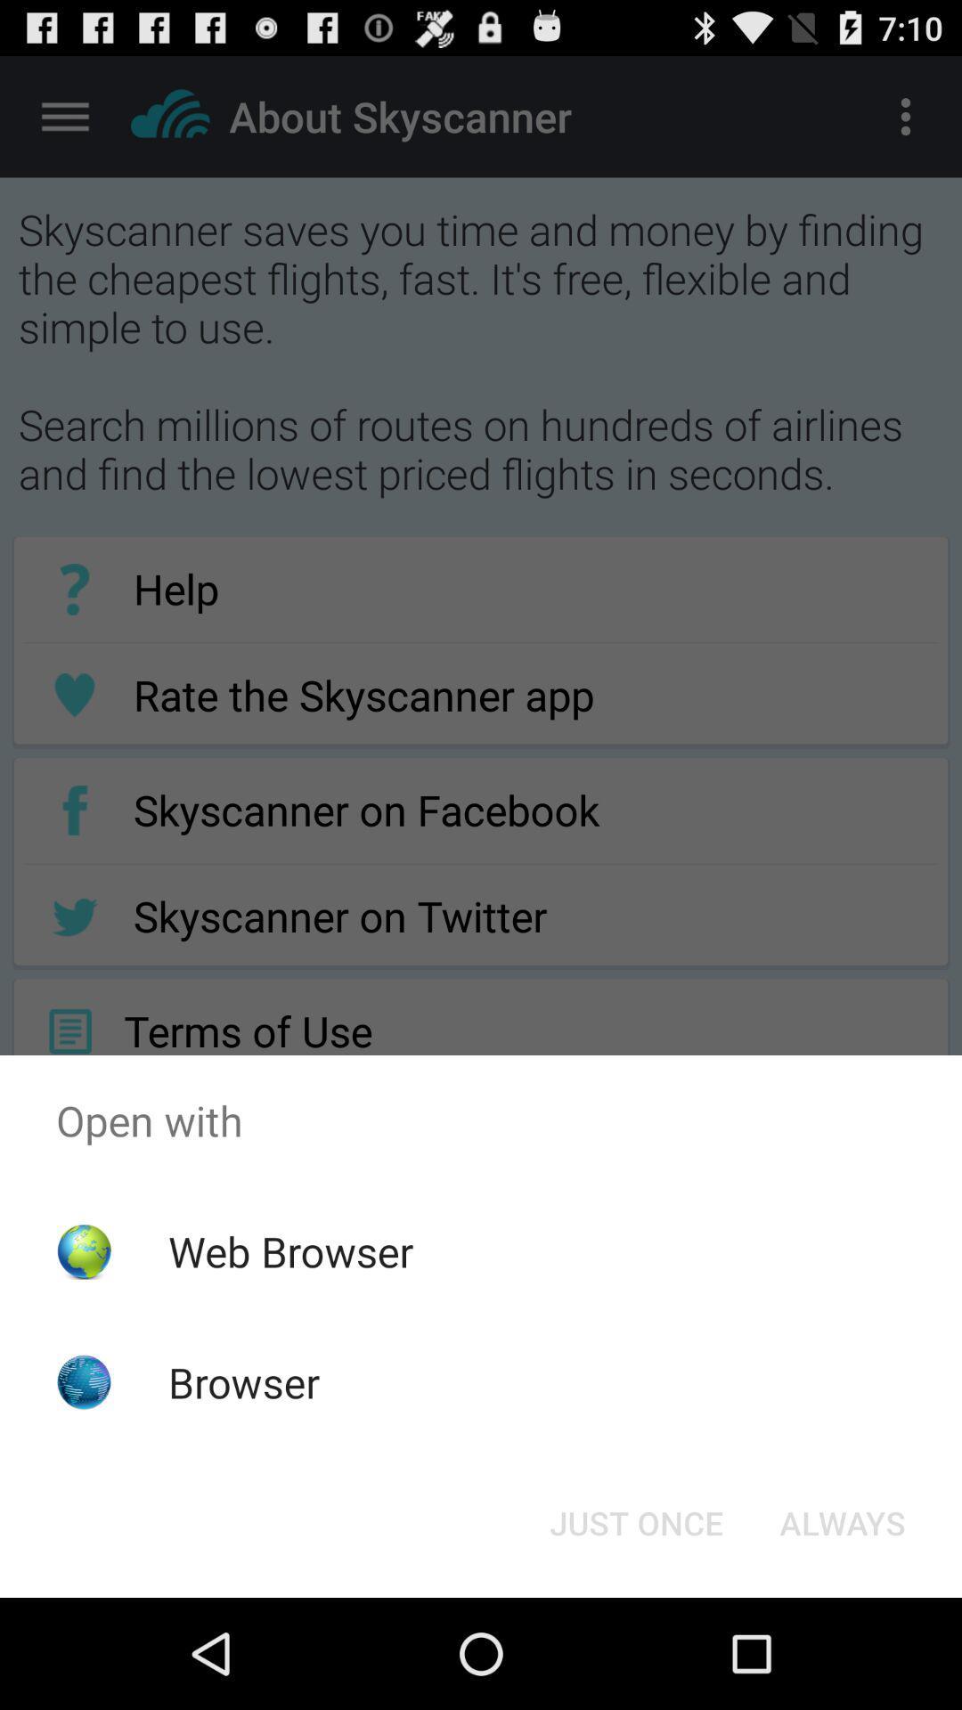  I want to click on the web browser, so click(289, 1250).